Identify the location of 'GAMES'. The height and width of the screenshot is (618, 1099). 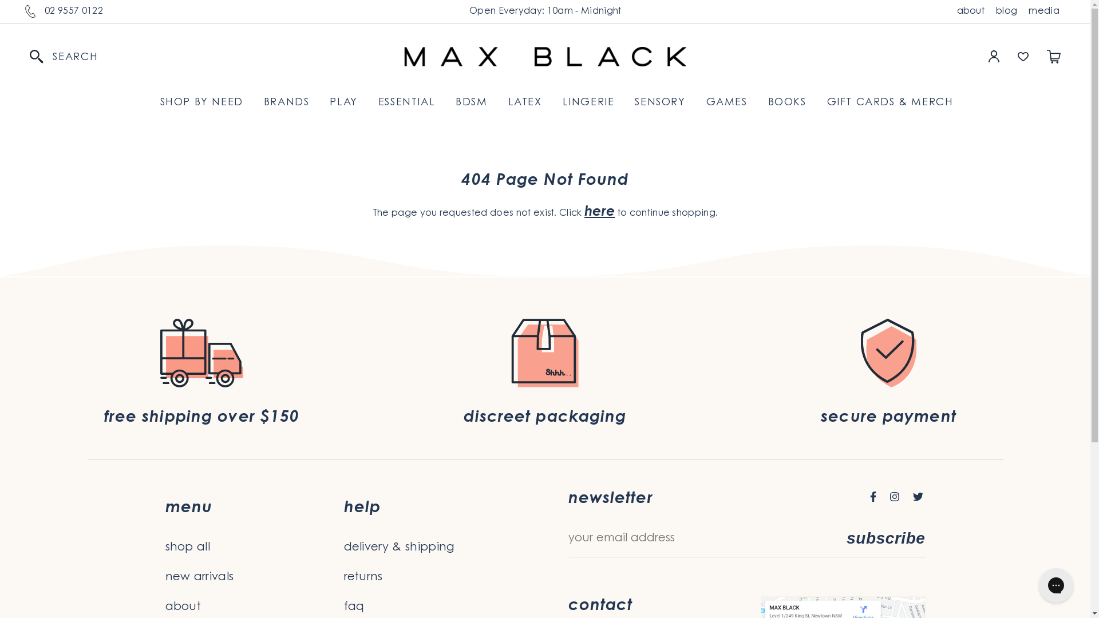
(726, 103).